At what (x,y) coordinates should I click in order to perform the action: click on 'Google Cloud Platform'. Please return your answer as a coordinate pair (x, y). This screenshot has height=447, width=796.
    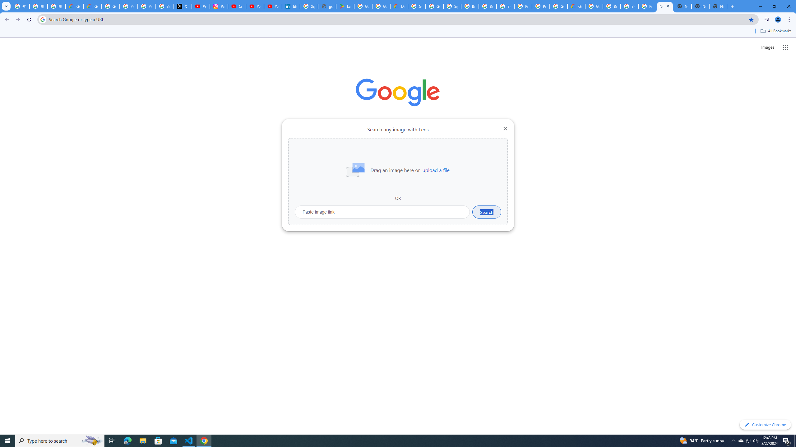
    Looking at the image, I should click on (558, 6).